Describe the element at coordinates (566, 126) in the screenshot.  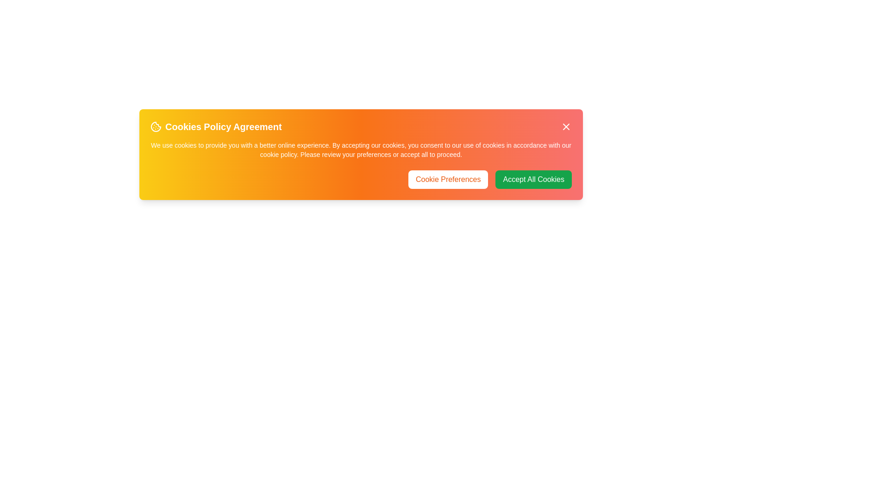
I see `the red circular button with a white 'X' icon located in the top-right corner of the 'Cookies Policy Agreement' banner` at that location.